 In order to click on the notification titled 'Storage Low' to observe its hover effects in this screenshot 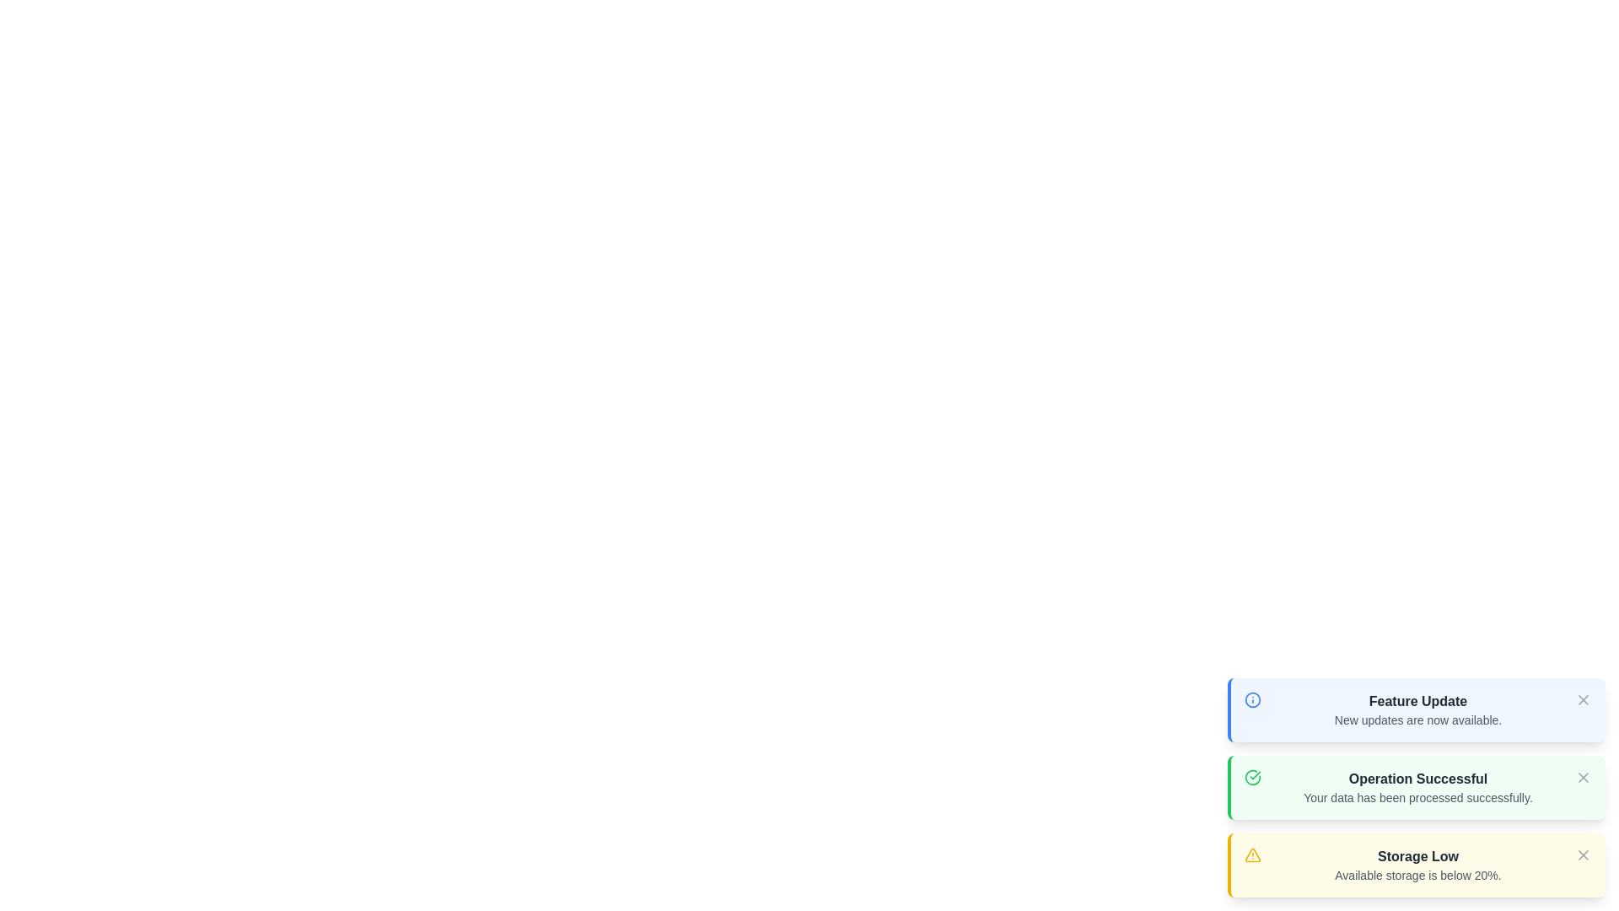, I will do `click(1417, 865)`.